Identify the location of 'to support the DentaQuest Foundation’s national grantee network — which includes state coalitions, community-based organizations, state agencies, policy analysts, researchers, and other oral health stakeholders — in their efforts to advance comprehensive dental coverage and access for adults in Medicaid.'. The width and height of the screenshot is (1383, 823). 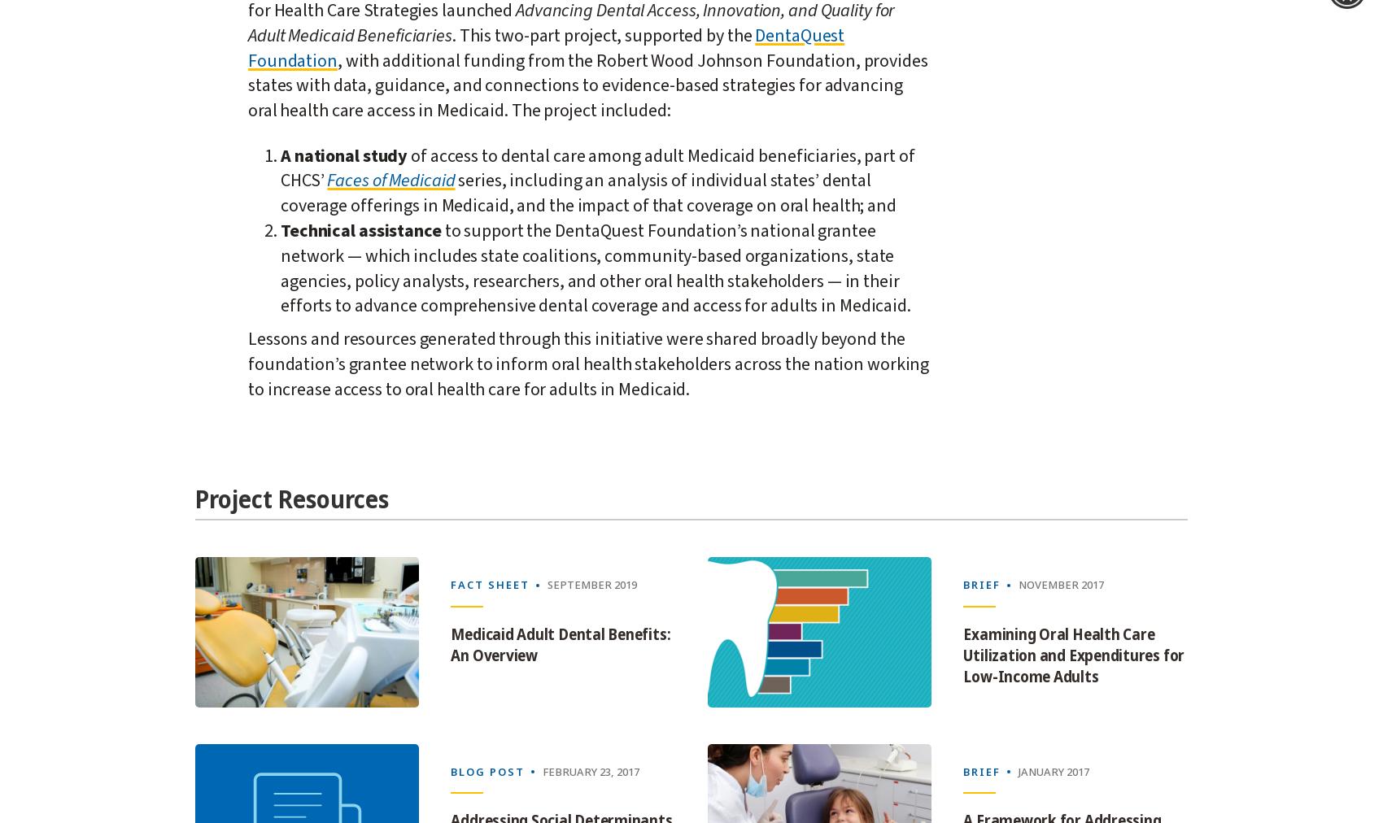
(279, 268).